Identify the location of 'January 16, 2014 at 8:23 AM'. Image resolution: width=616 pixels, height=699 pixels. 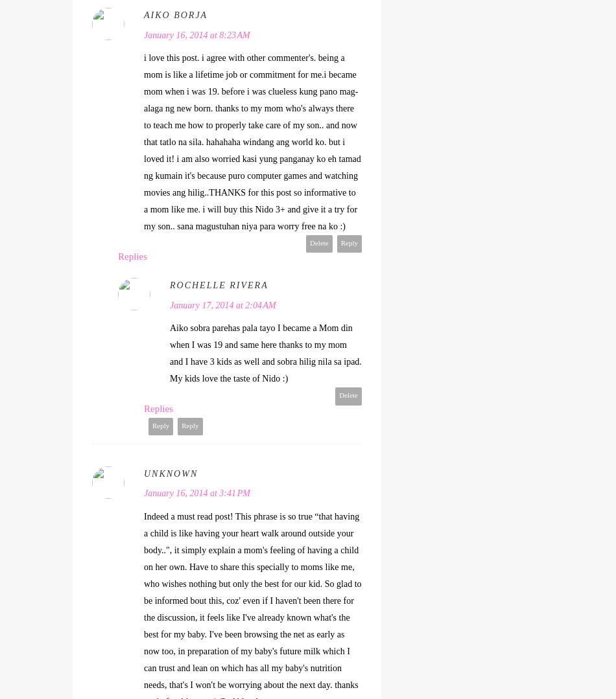
(196, 34).